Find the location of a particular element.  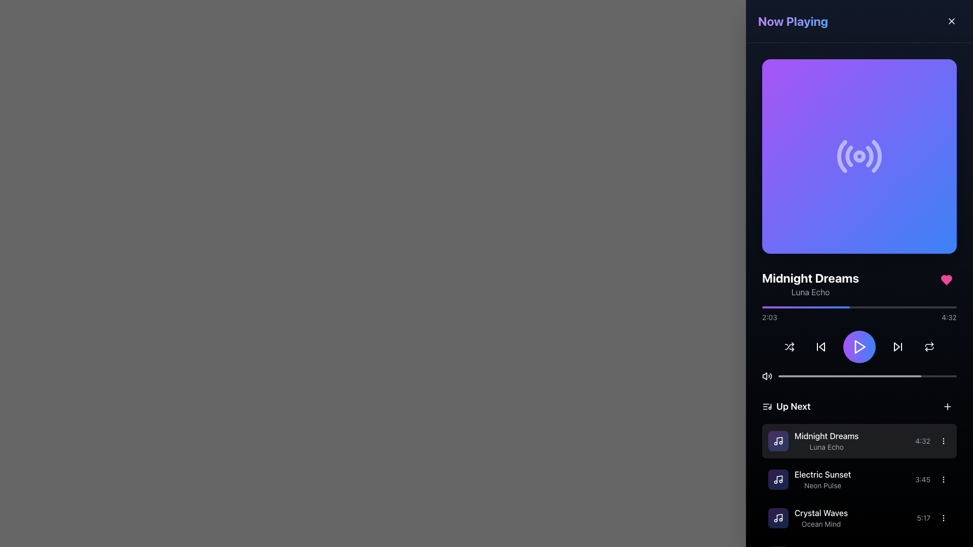

the SVG icon representing a musical note, which visually indicates a music track or sound-related feature in the music player interface is located at coordinates (778, 441).